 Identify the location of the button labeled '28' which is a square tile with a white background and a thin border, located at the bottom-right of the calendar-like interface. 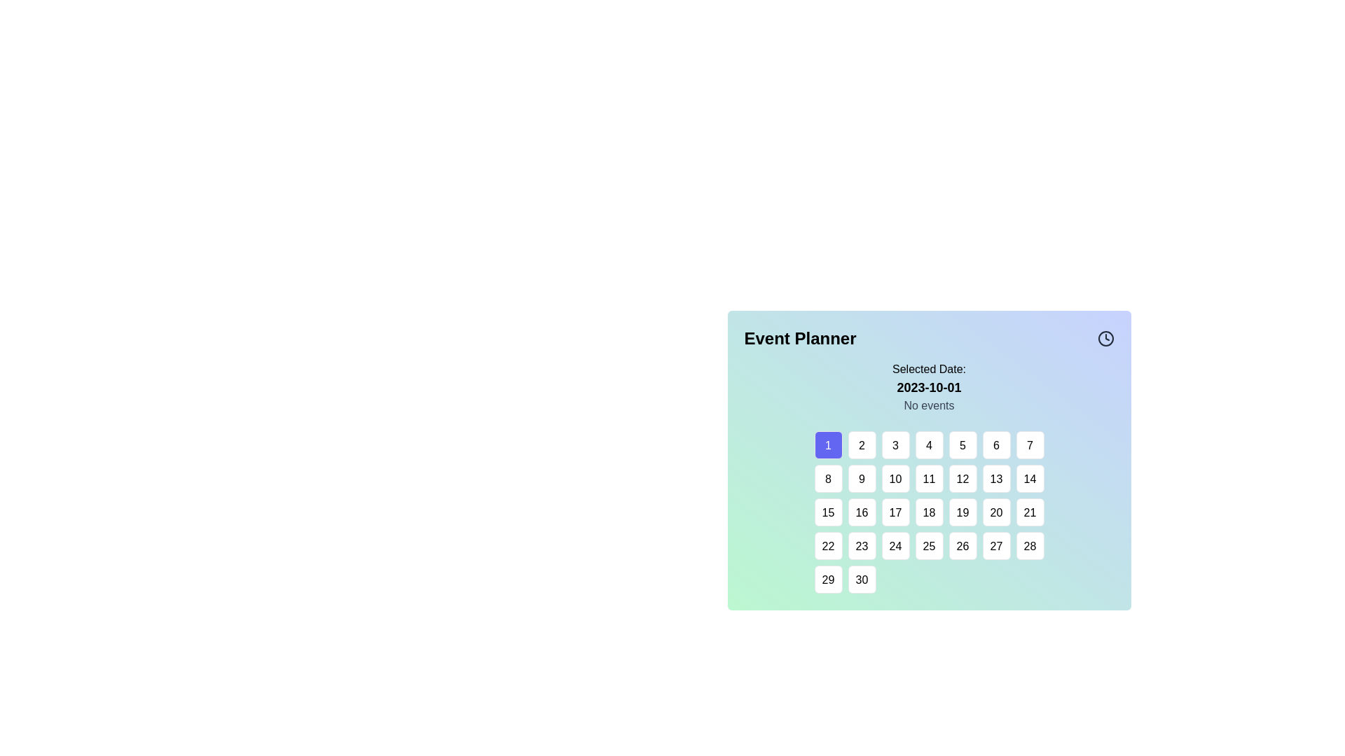
(1030, 545).